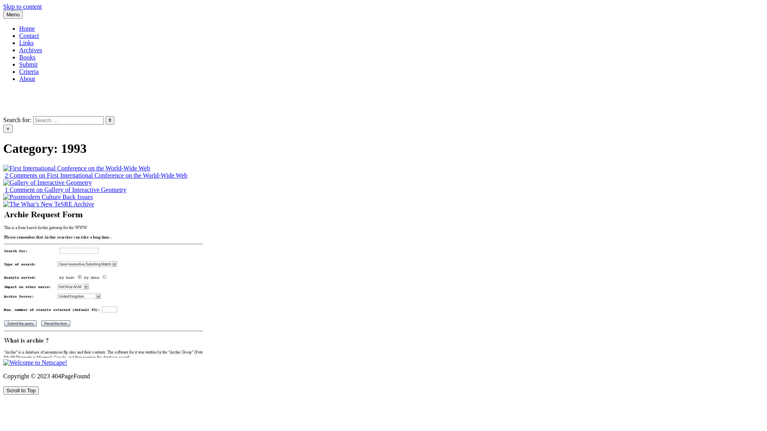  Describe the element at coordinates (29, 71) in the screenshot. I see `'Criteria'` at that location.